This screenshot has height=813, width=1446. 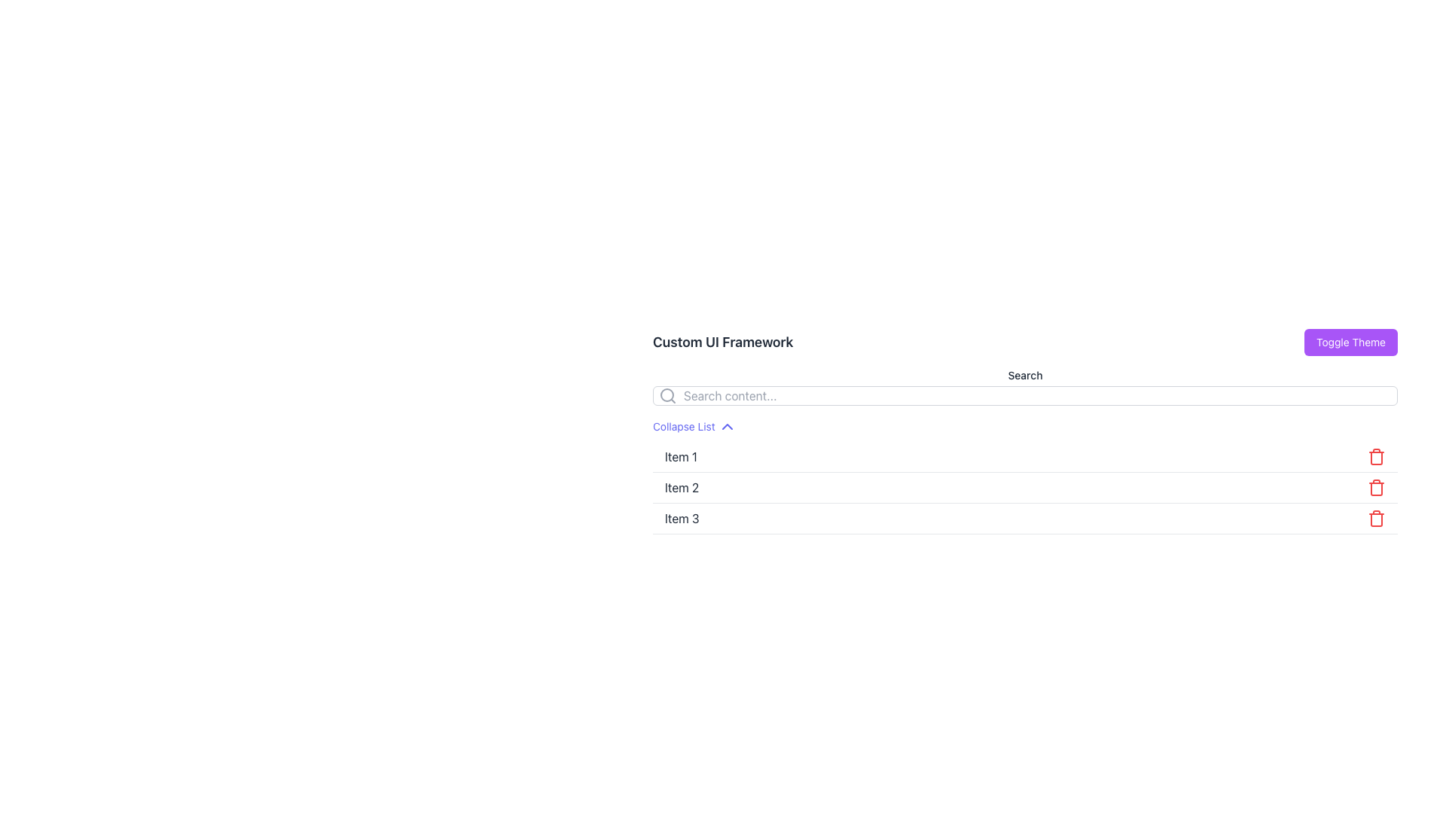 I want to click on the Text Label that describes the associated search input field, positioned above it and to the left of an icon, so click(x=1024, y=374).